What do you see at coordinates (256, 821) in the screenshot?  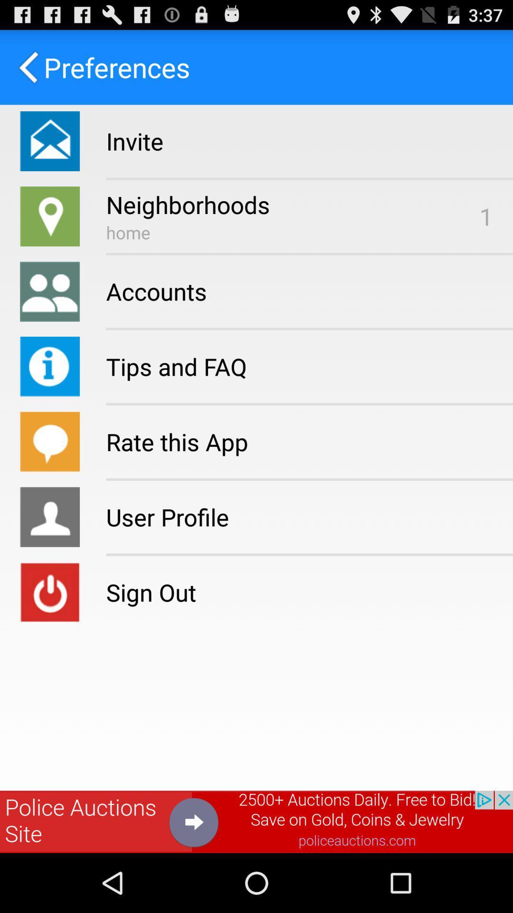 I see `web advertisement` at bounding box center [256, 821].